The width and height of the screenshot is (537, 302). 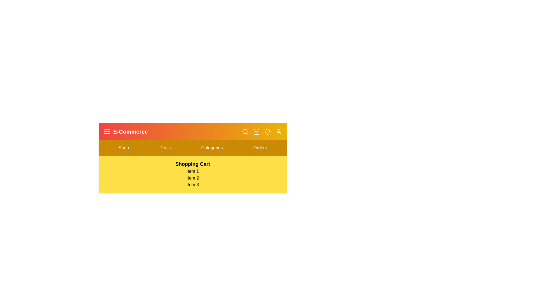 What do you see at coordinates (260, 147) in the screenshot?
I see `the menu item Orders from the navigation bar` at bounding box center [260, 147].